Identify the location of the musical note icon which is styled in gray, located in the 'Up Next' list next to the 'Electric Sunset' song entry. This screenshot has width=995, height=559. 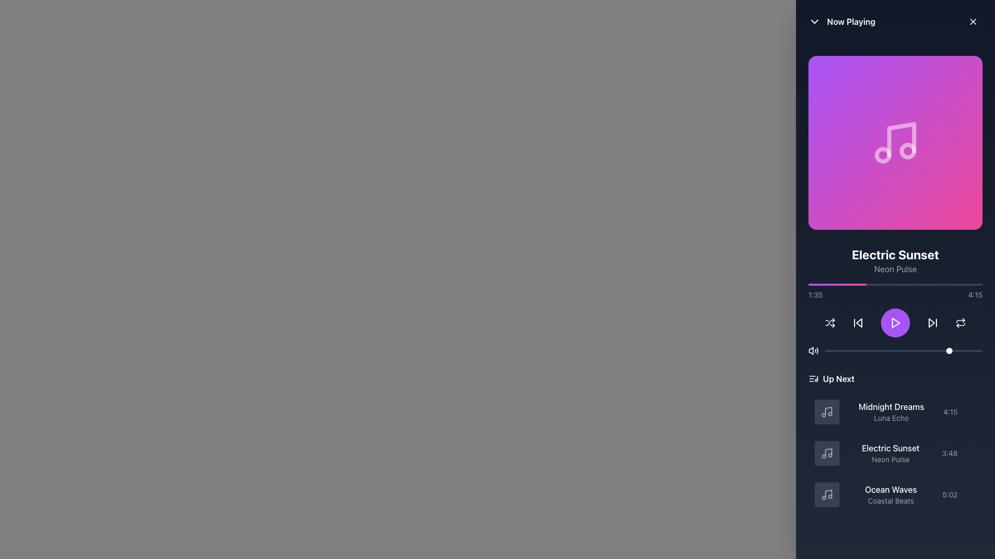
(827, 452).